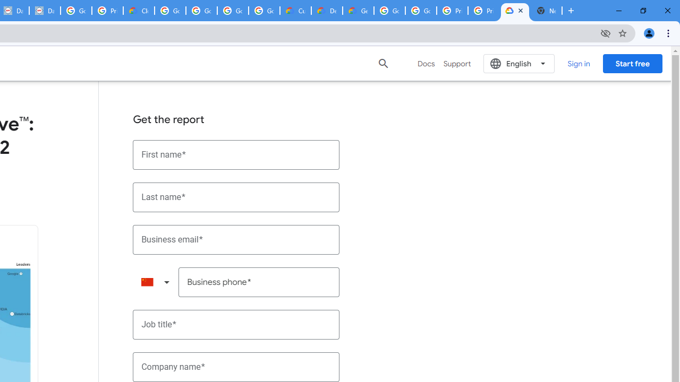 The width and height of the screenshot is (680, 382). I want to click on 'Google Workspace - Specific Terms', so click(232, 11).